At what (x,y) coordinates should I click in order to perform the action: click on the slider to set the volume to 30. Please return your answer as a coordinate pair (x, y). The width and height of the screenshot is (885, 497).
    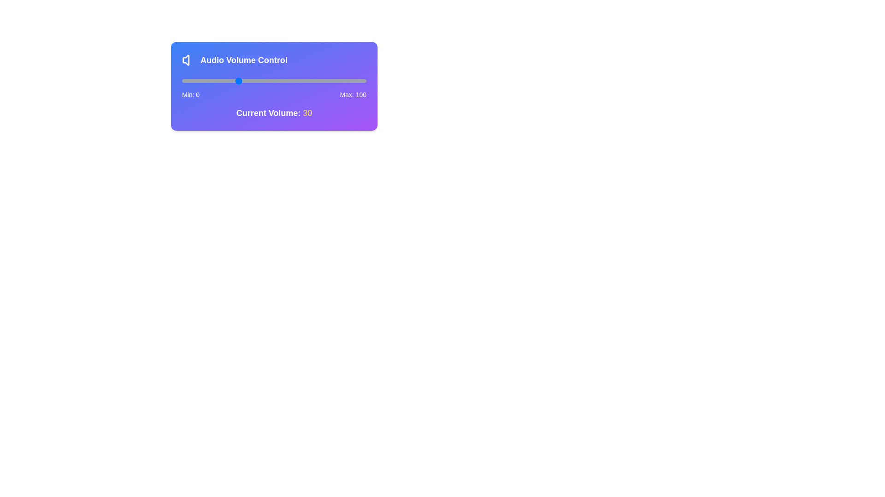
    Looking at the image, I should click on (237, 81).